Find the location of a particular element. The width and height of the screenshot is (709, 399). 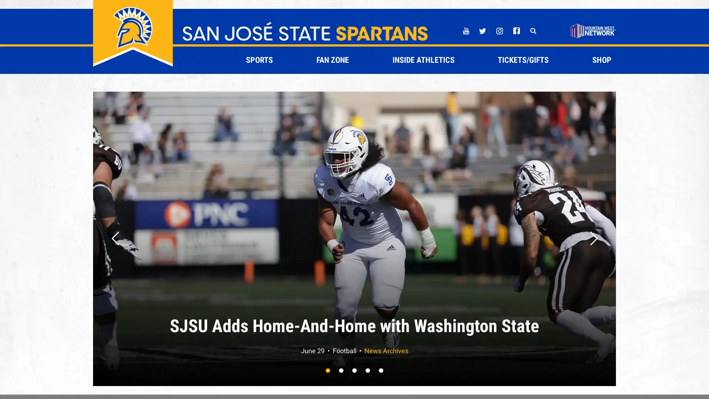

previous is located at coordinates (115, 238).